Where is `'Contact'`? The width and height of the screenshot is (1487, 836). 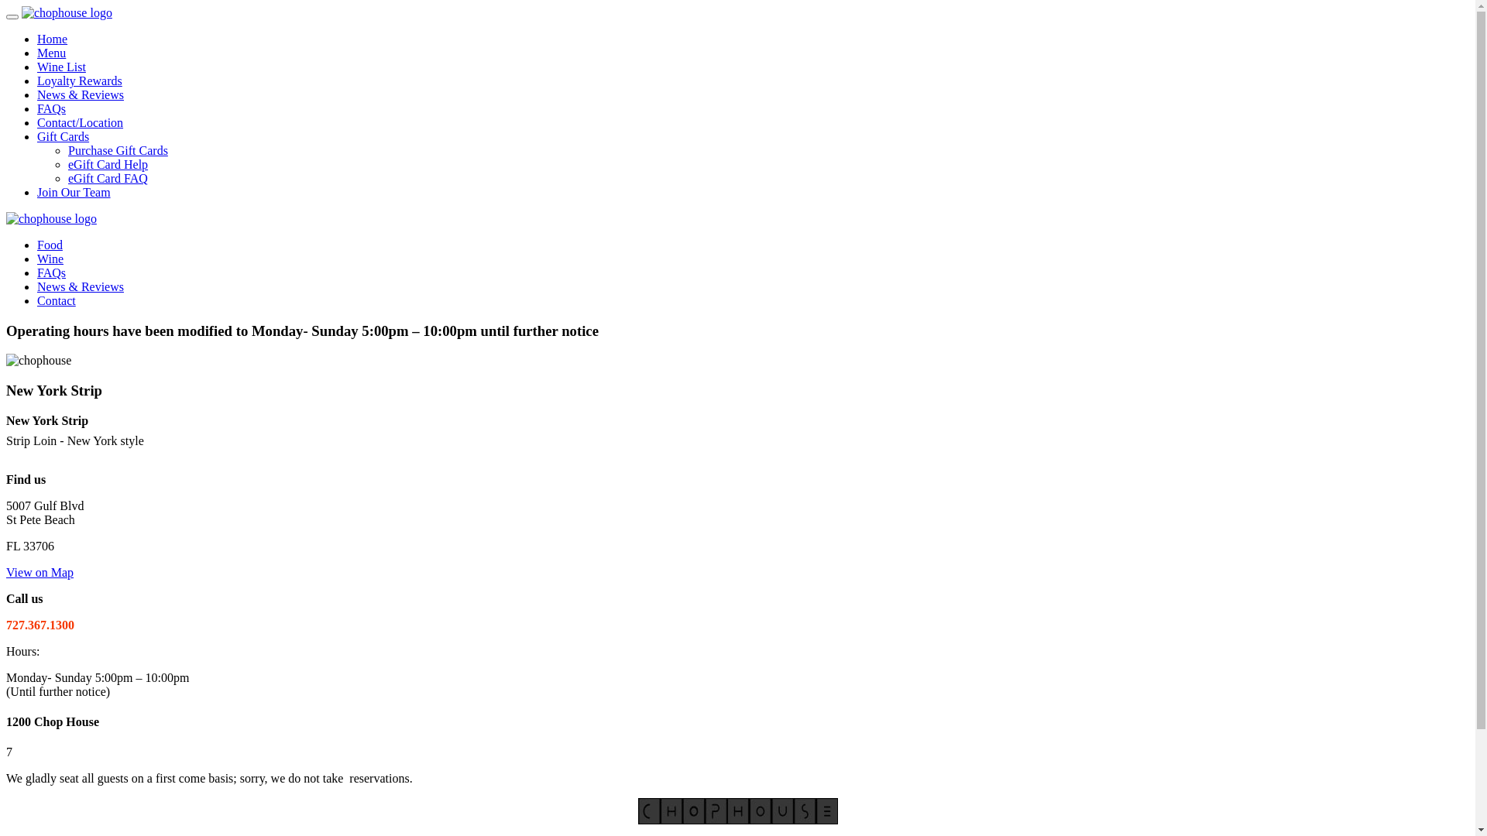
'Contact' is located at coordinates (37, 300).